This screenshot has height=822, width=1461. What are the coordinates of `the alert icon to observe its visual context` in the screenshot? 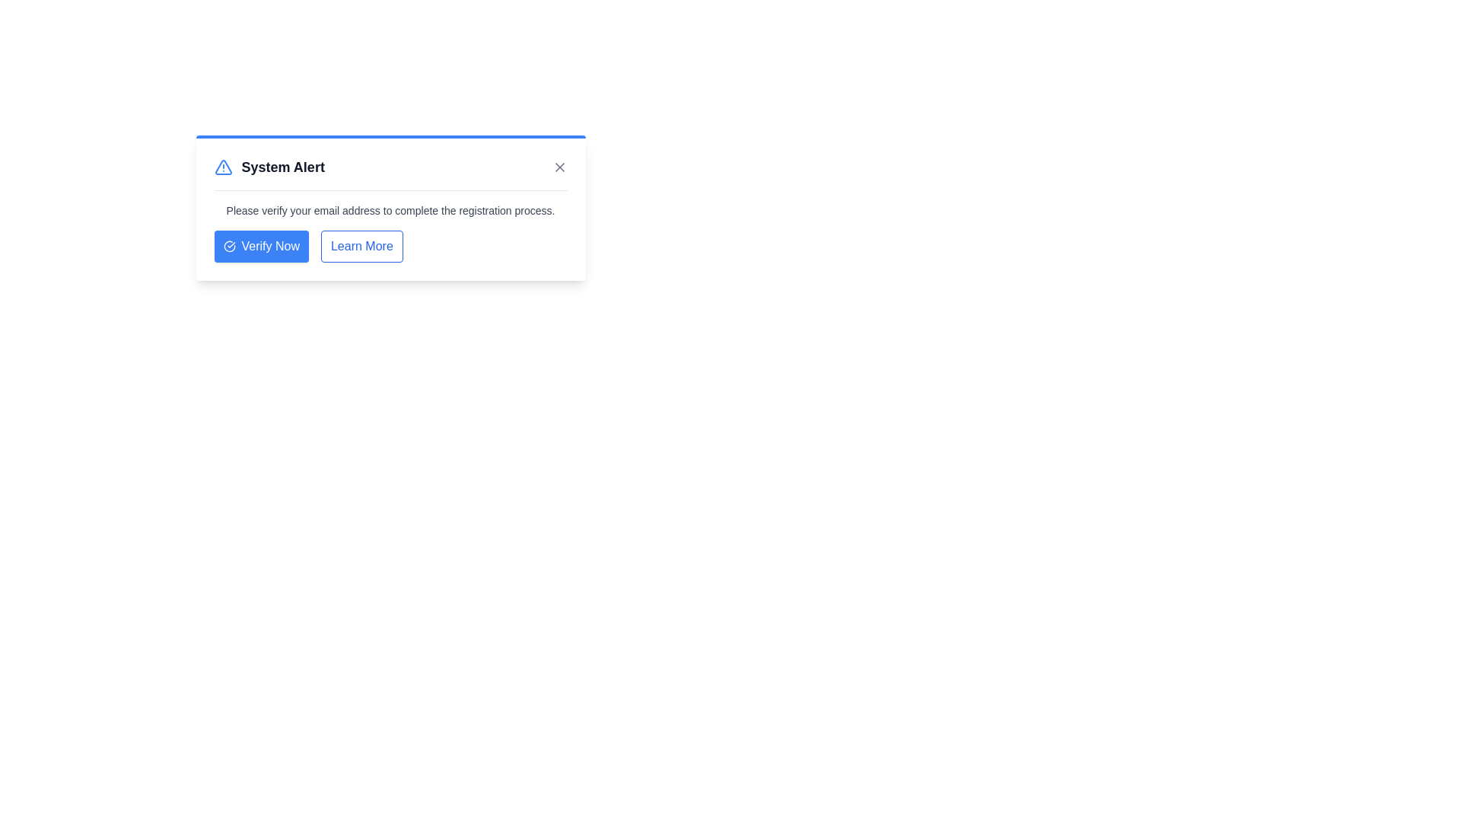 It's located at (222, 167).